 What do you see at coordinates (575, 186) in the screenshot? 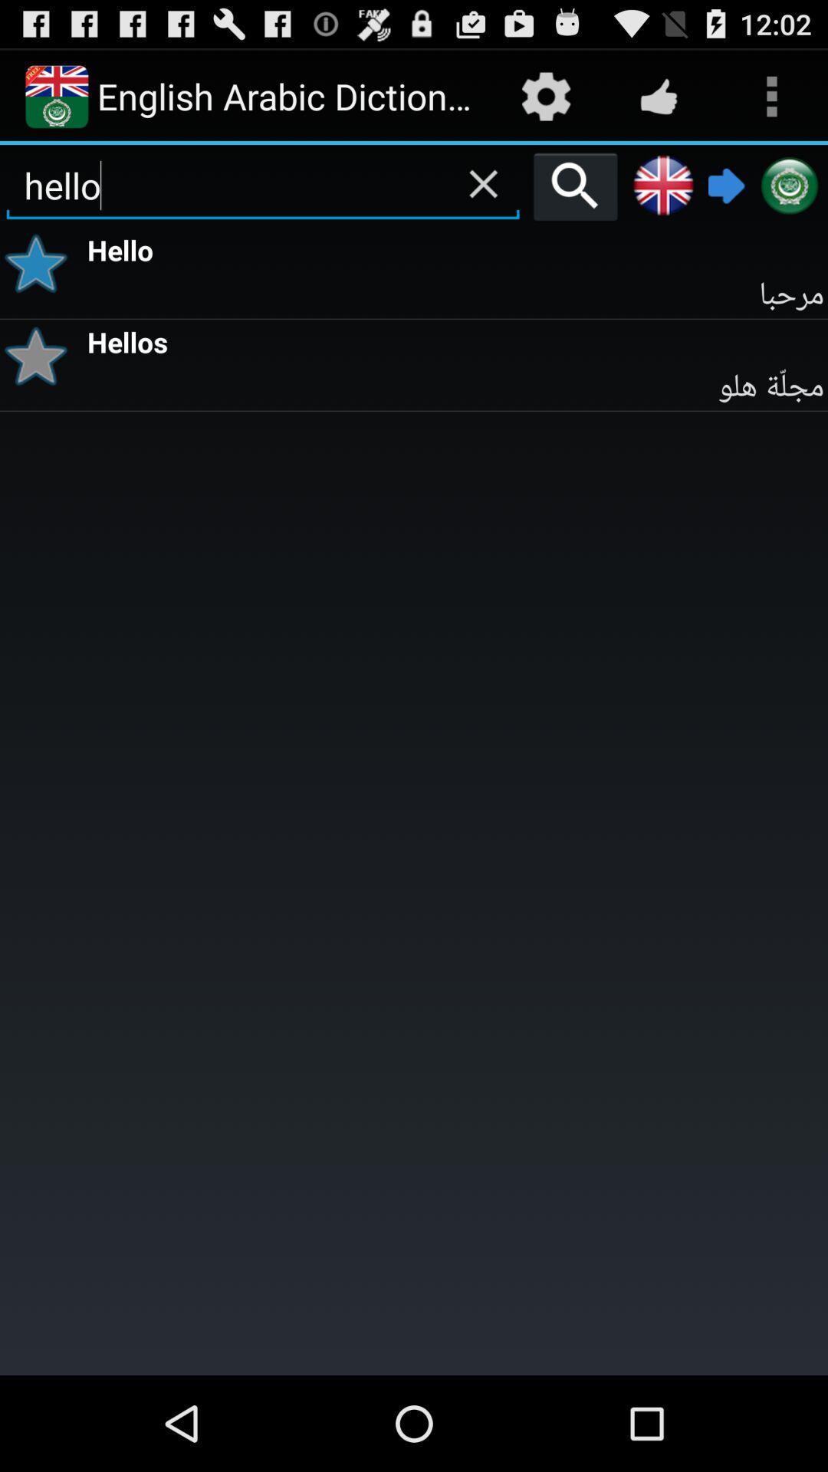
I see `item next to the hello icon` at bounding box center [575, 186].